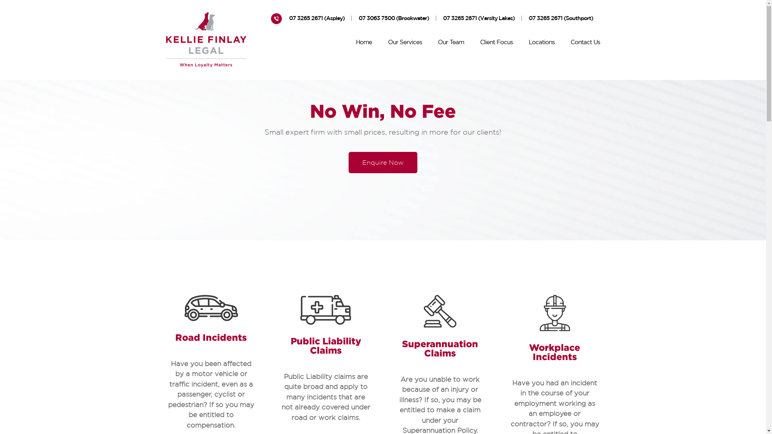  I want to click on 'Our Team', so click(451, 43).